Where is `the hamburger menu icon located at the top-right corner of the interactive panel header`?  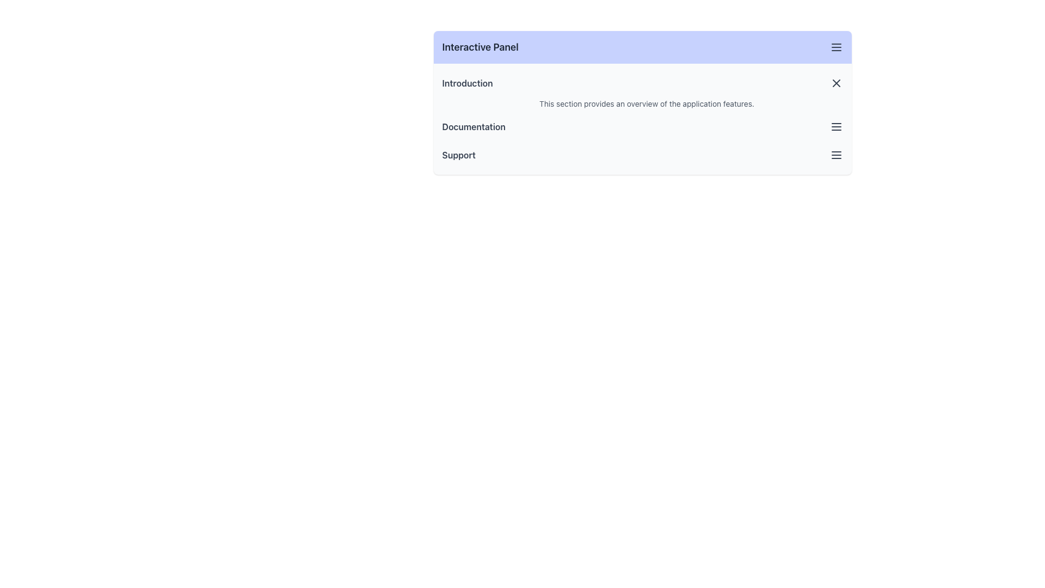
the hamburger menu icon located at the top-right corner of the interactive panel header is located at coordinates (835, 47).